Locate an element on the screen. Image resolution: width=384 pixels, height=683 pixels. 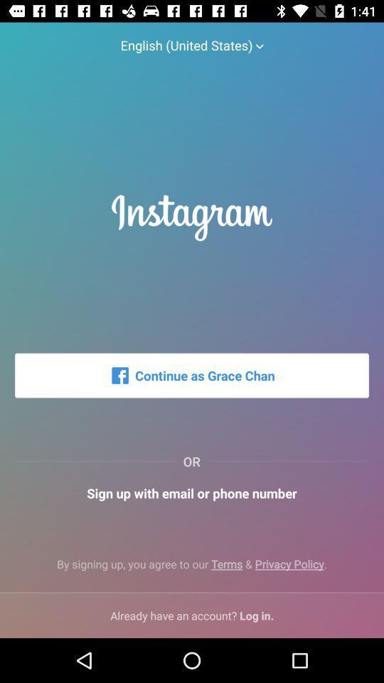
english (united states)   app is located at coordinates (192, 37).